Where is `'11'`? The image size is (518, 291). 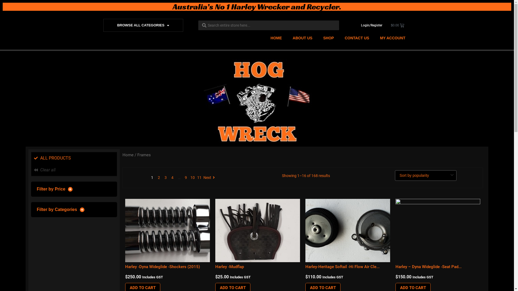
'11' is located at coordinates (196, 178).